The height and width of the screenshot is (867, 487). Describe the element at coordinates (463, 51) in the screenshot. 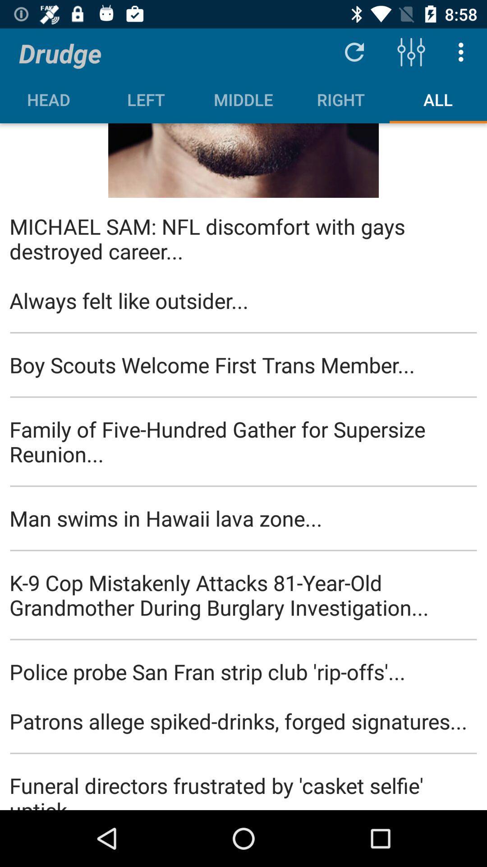

I see `the item above all` at that location.